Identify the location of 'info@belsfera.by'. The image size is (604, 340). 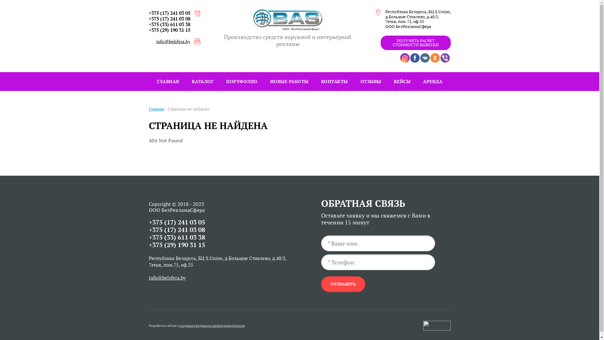
(167, 277).